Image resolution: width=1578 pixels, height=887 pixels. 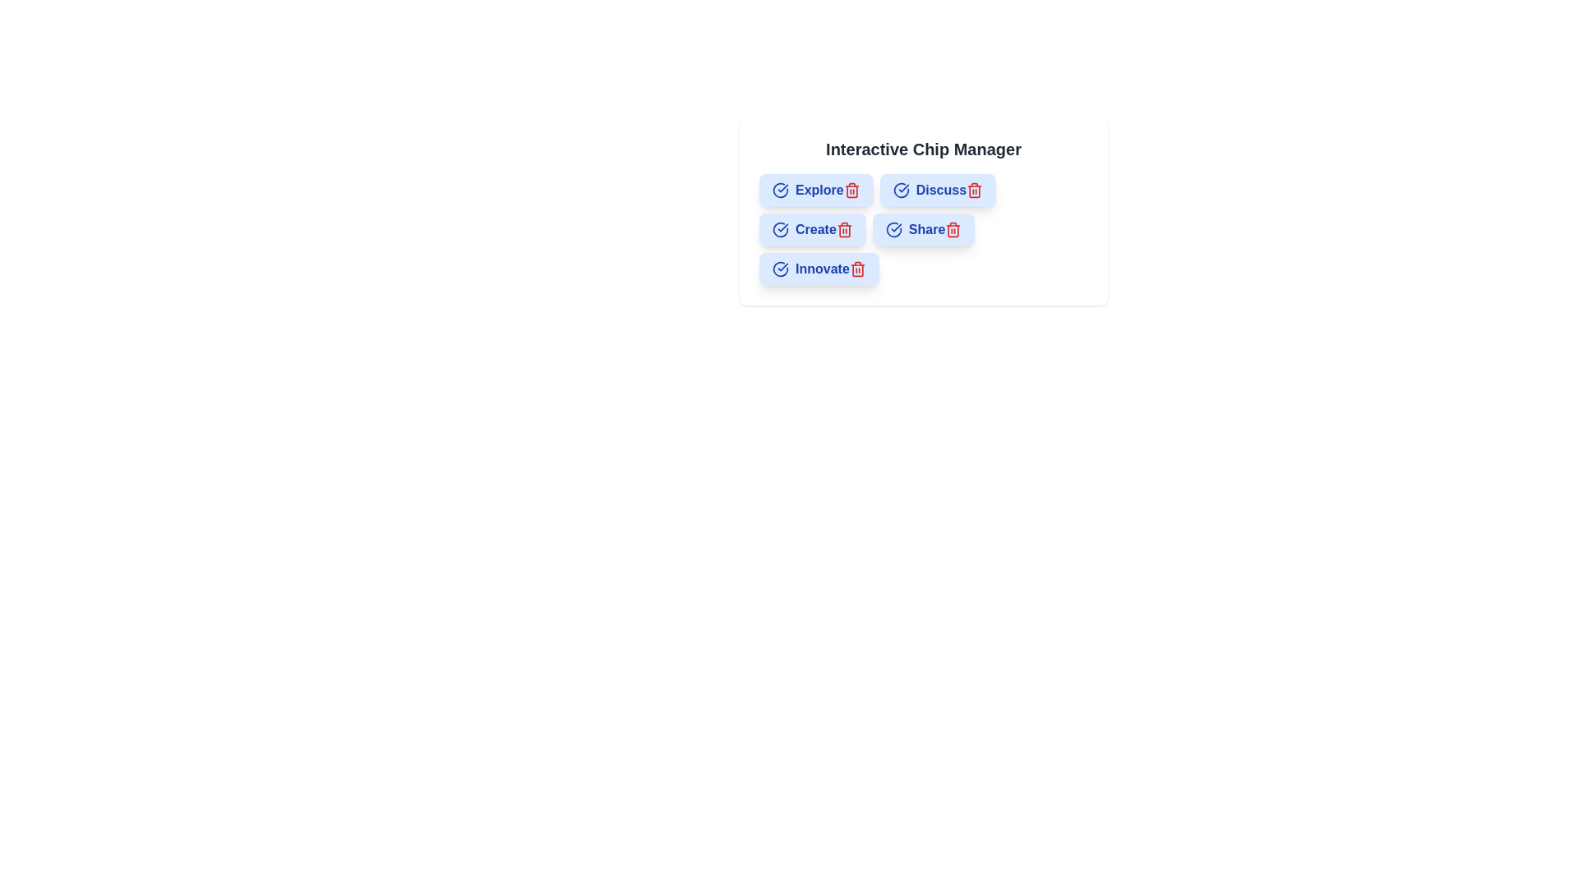 I want to click on the trash icon of the chip labeled Explore to remove it, so click(x=851, y=189).